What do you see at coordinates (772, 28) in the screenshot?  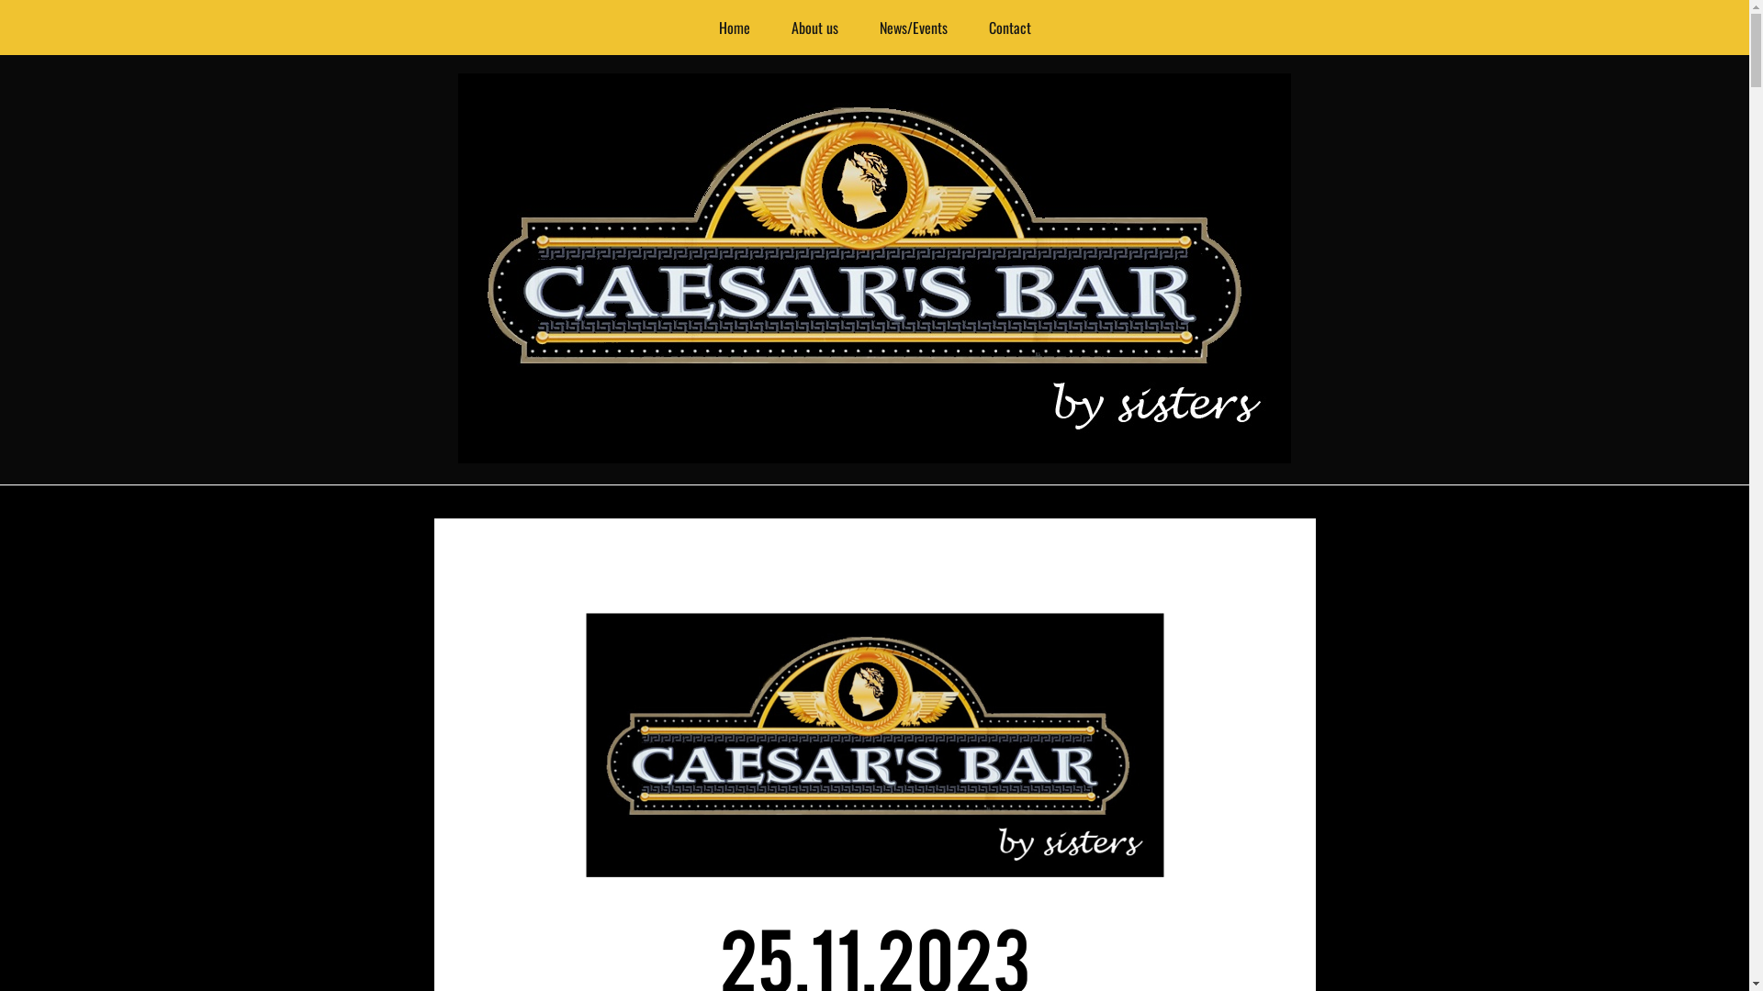 I see `'About us'` at bounding box center [772, 28].